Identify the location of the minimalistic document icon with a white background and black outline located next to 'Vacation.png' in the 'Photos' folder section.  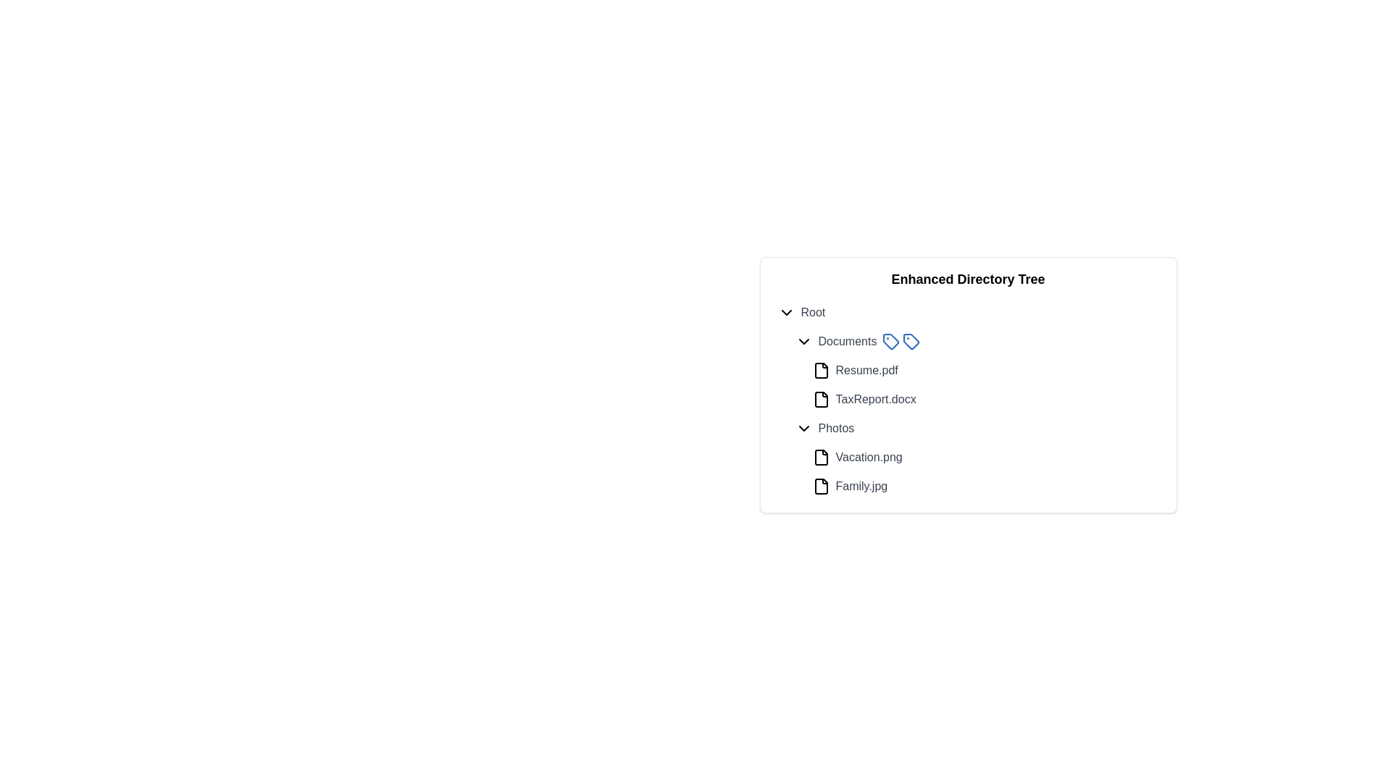
(821, 458).